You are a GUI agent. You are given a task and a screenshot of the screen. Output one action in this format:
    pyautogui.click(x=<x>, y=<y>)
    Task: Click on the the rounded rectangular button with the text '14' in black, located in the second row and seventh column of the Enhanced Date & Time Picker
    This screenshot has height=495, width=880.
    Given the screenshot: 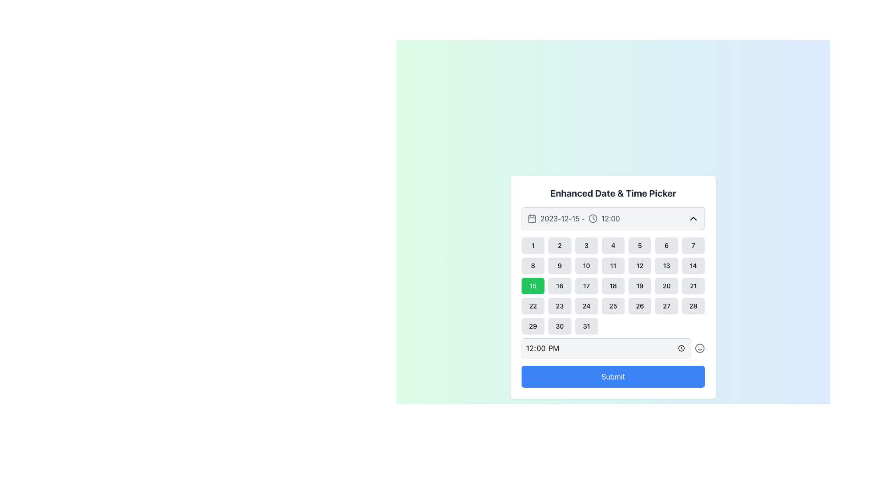 What is the action you would take?
    pyautogui.click(x=693, y=265)
    